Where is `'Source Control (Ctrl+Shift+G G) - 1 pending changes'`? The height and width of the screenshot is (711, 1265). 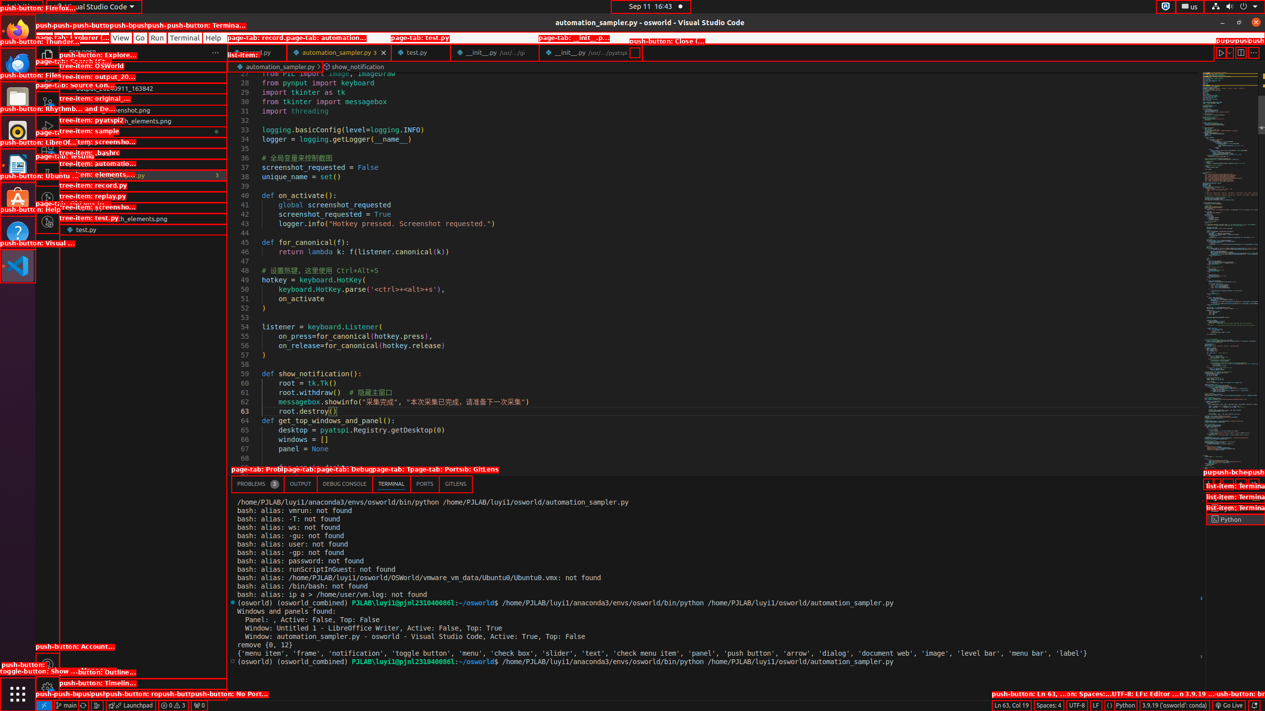 'Source Control (Ctrl+Shift+G G) - 1 pending changes' is located at coordinates (47, 102).